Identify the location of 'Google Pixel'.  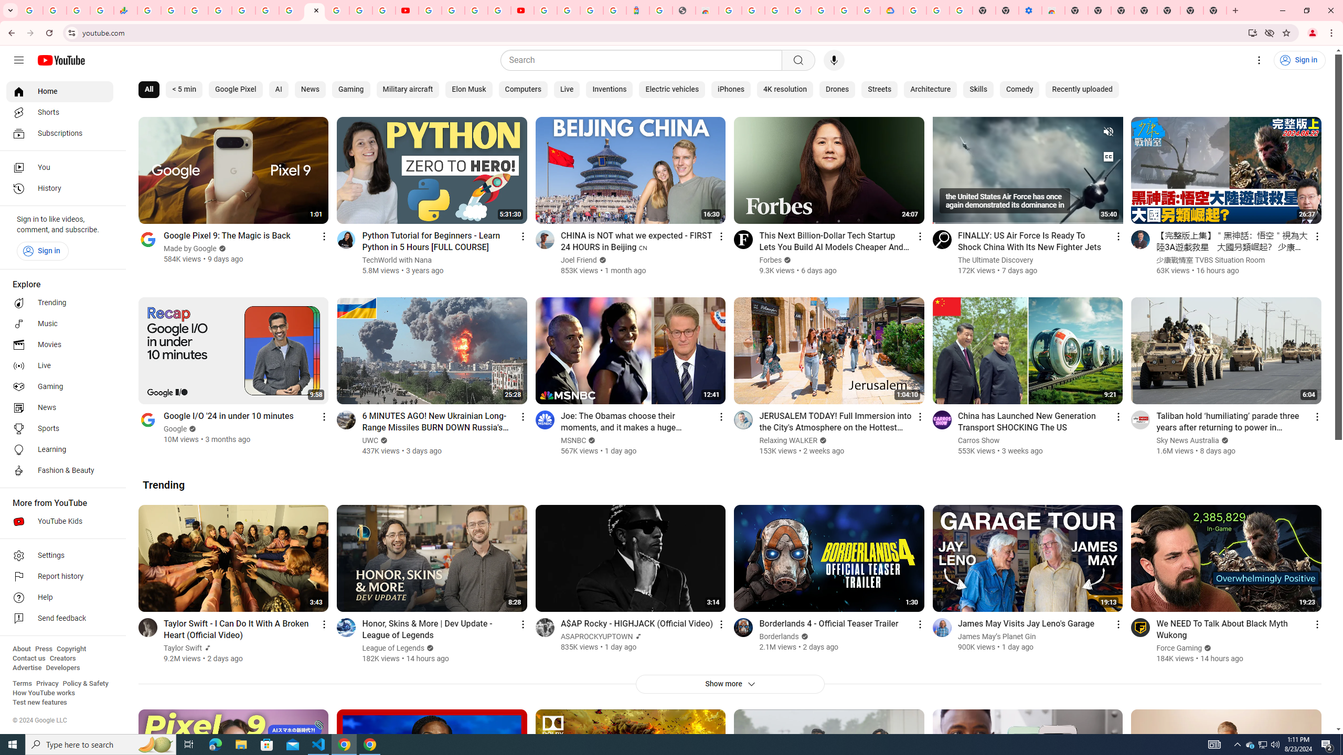
(235, 90).